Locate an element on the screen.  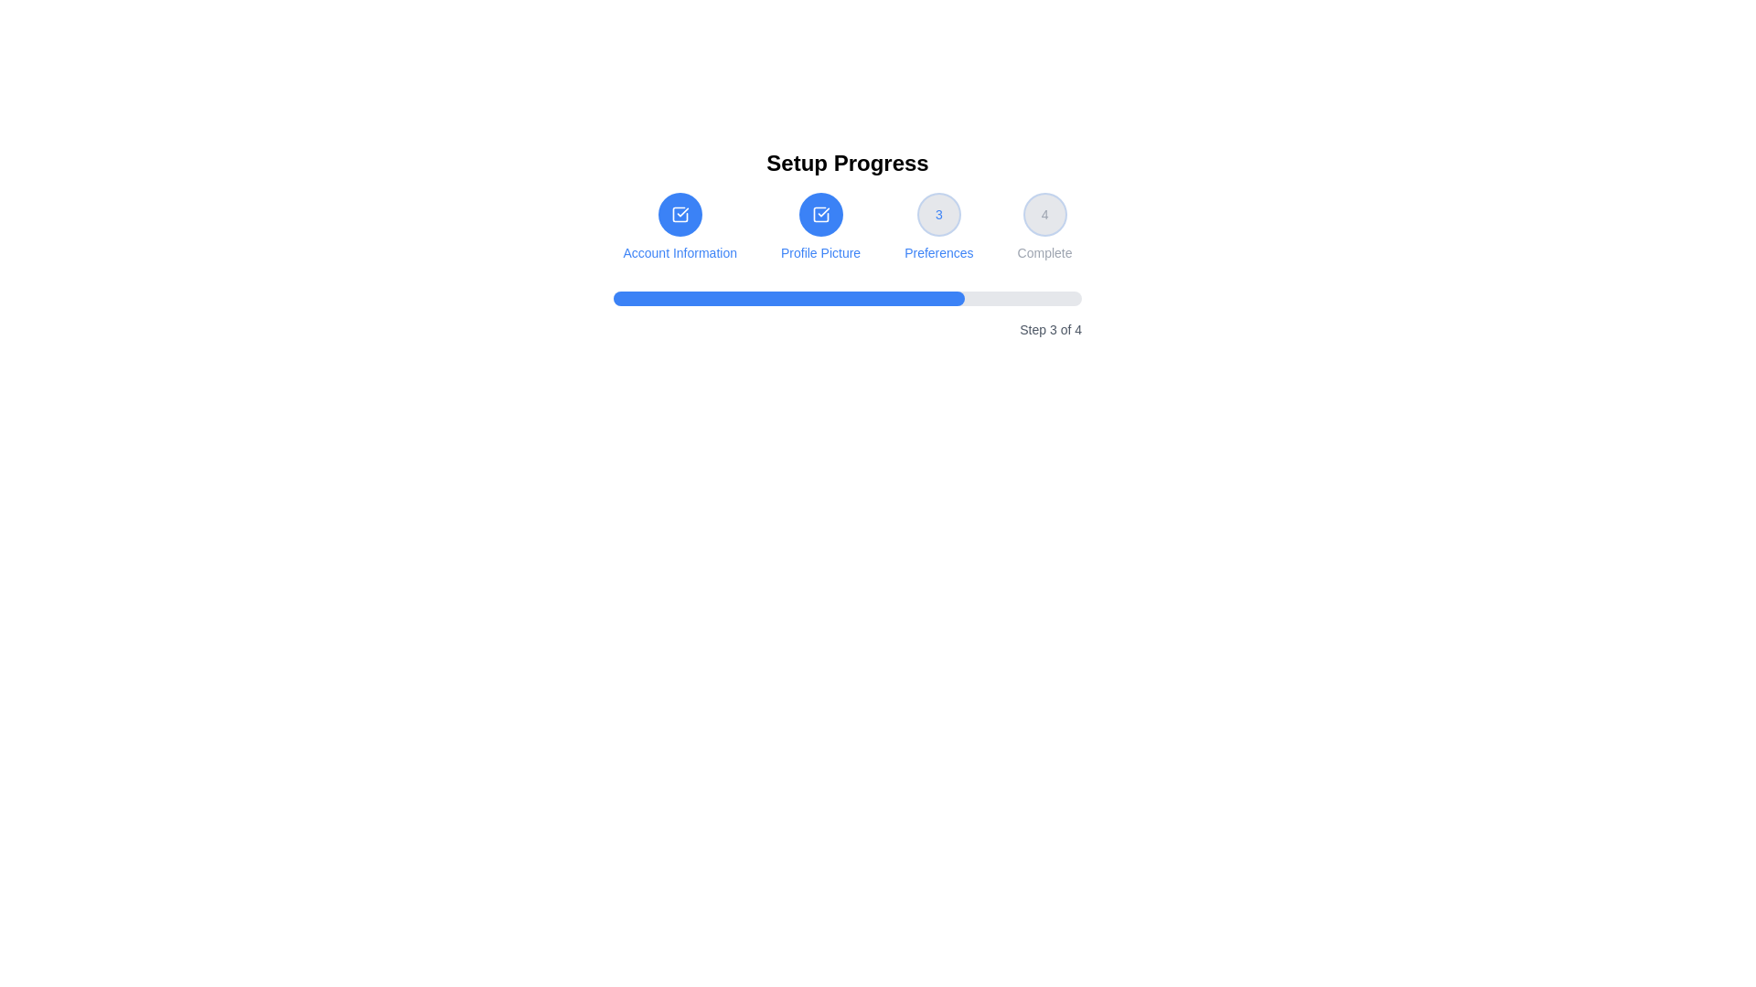
the horizontal progress bar located centrally below the title 'Setup Progress', which has a gray background and a blue filled portion representing progress is located at coordinates (846, 298).